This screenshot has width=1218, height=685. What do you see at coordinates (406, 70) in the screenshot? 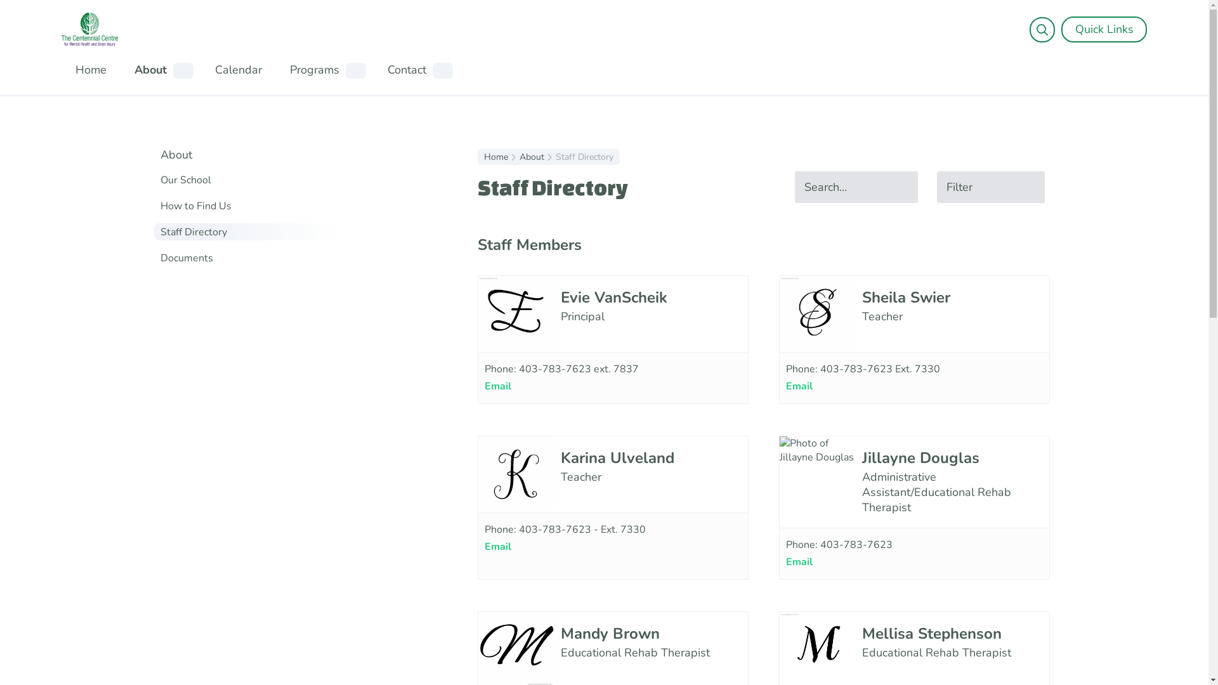
I see `'Contact'` at bounding box center [406, 70].